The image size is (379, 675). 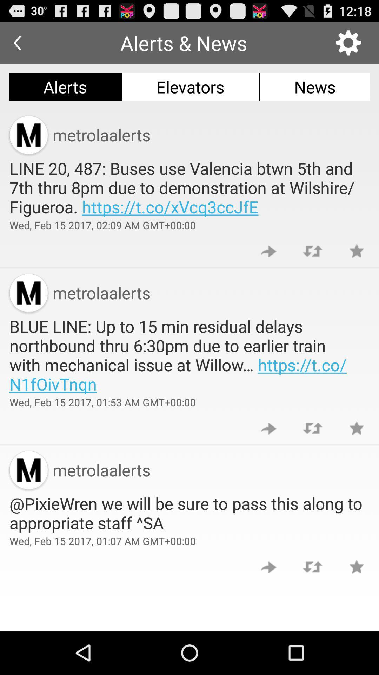 What do you see at coordinates (189, 187) in the screenshot?
I see `app above the wed feb 15 item` at bounding box center [189, 187].